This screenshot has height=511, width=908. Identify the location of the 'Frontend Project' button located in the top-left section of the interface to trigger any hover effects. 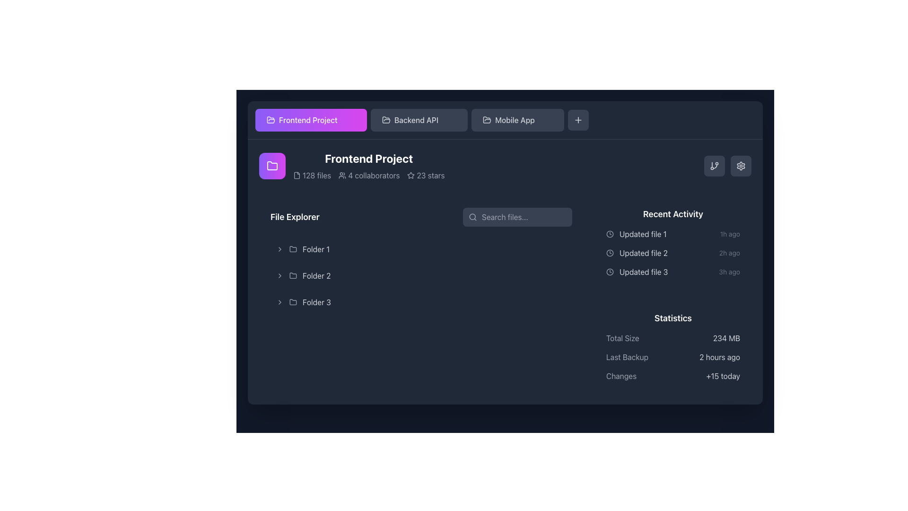
(311, 120).